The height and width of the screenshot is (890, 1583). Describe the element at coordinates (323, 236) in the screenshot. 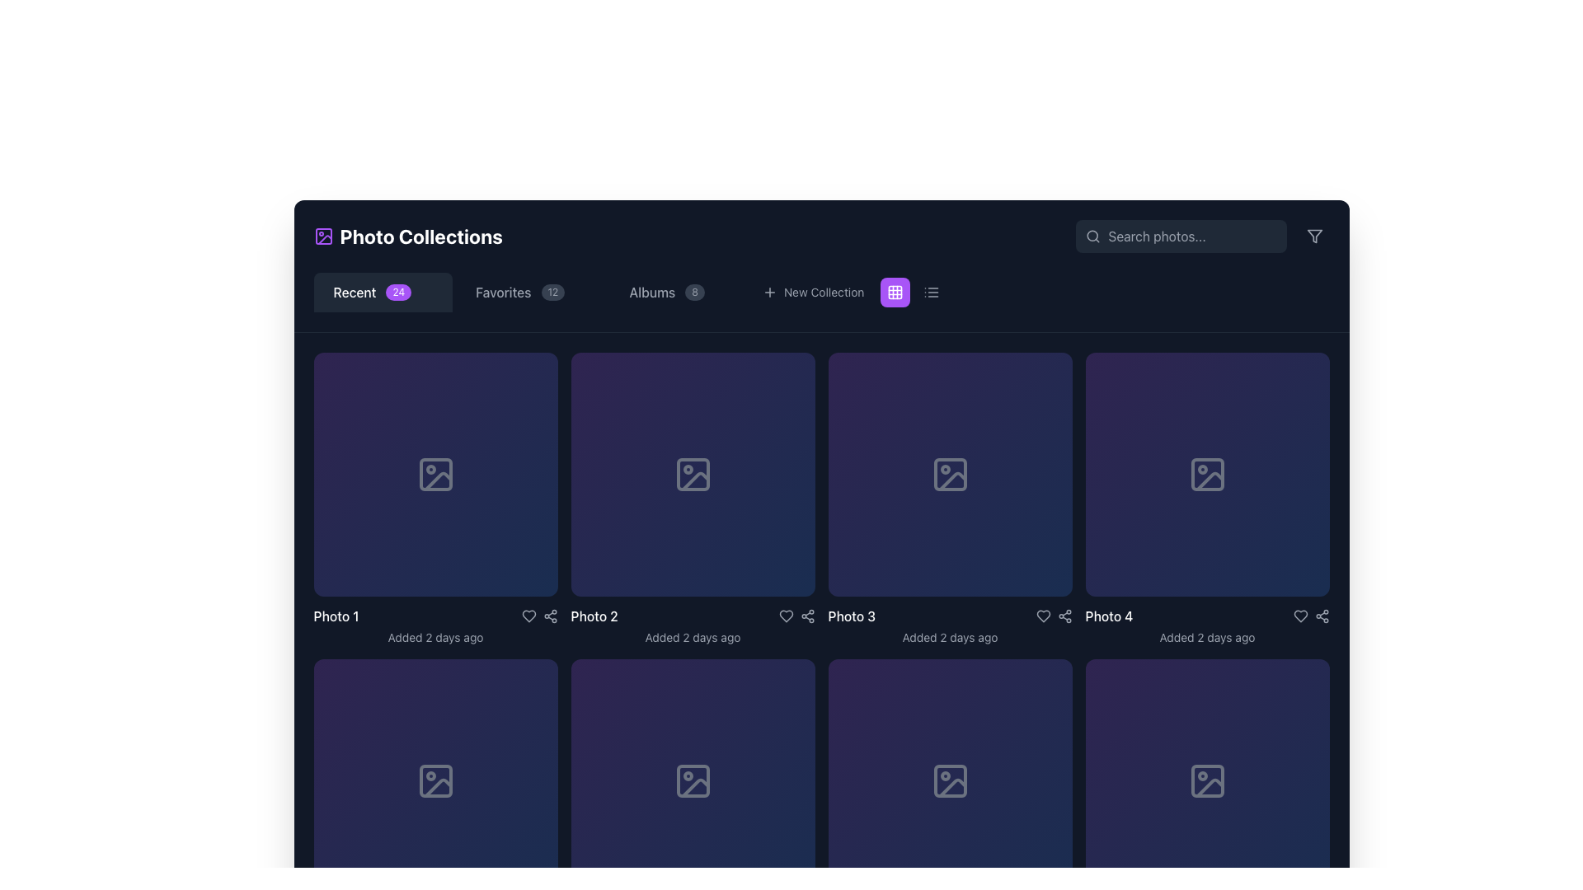

I see `the purple icon representing an image, located to the left of the 'Photo Collections' text, at the top-left section of the interface` at that location.